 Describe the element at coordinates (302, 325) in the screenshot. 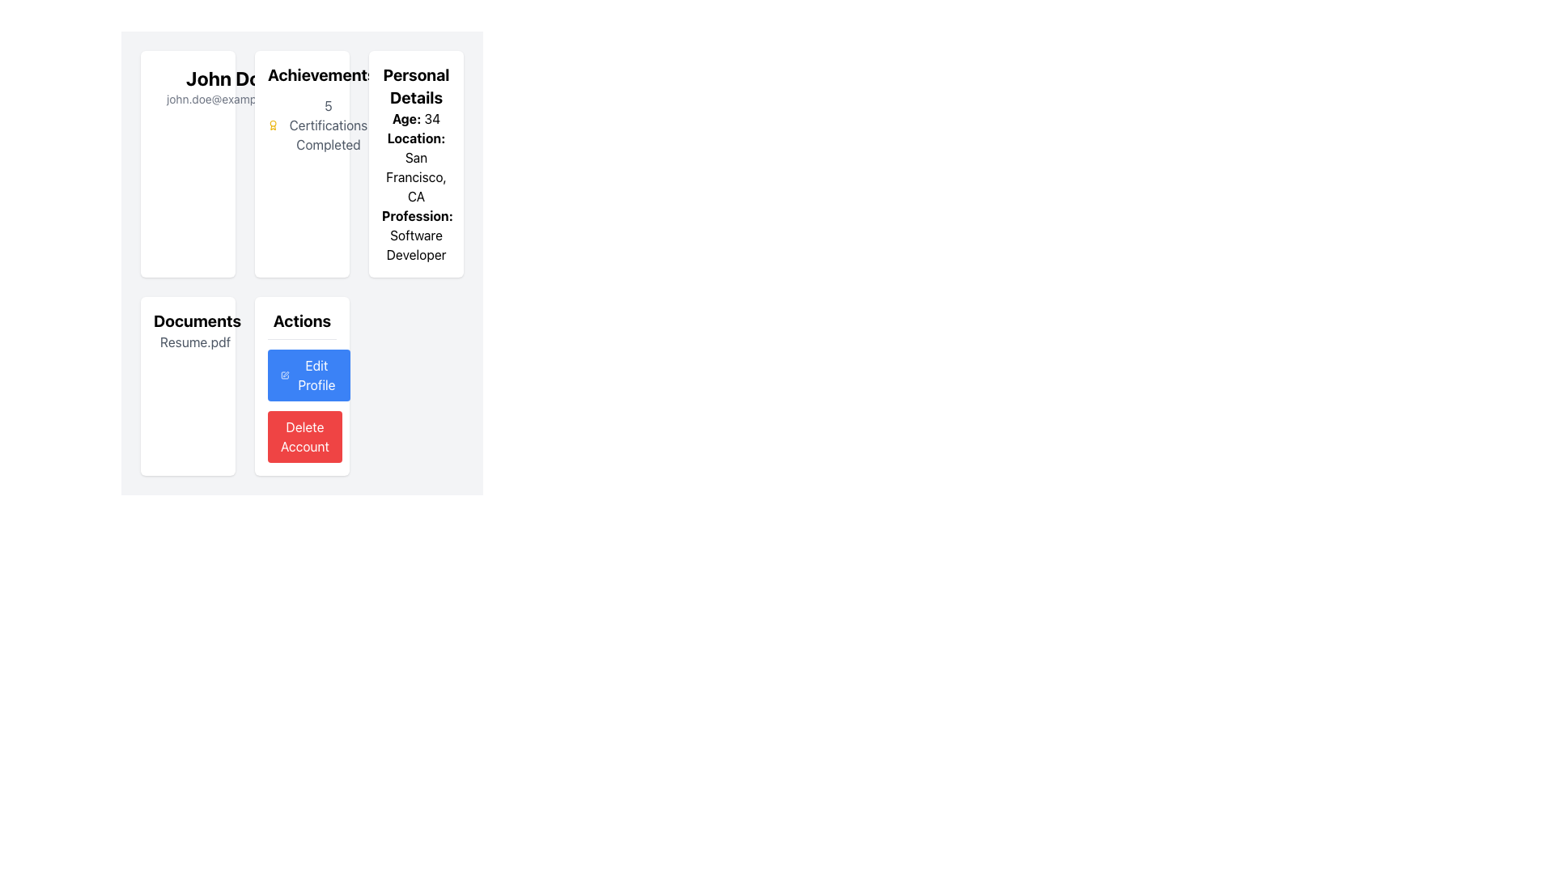

I see `the prominently styled header displaying the text 'Actions', which is bold and underlined, located at the top of a white rectangular section` at that location.